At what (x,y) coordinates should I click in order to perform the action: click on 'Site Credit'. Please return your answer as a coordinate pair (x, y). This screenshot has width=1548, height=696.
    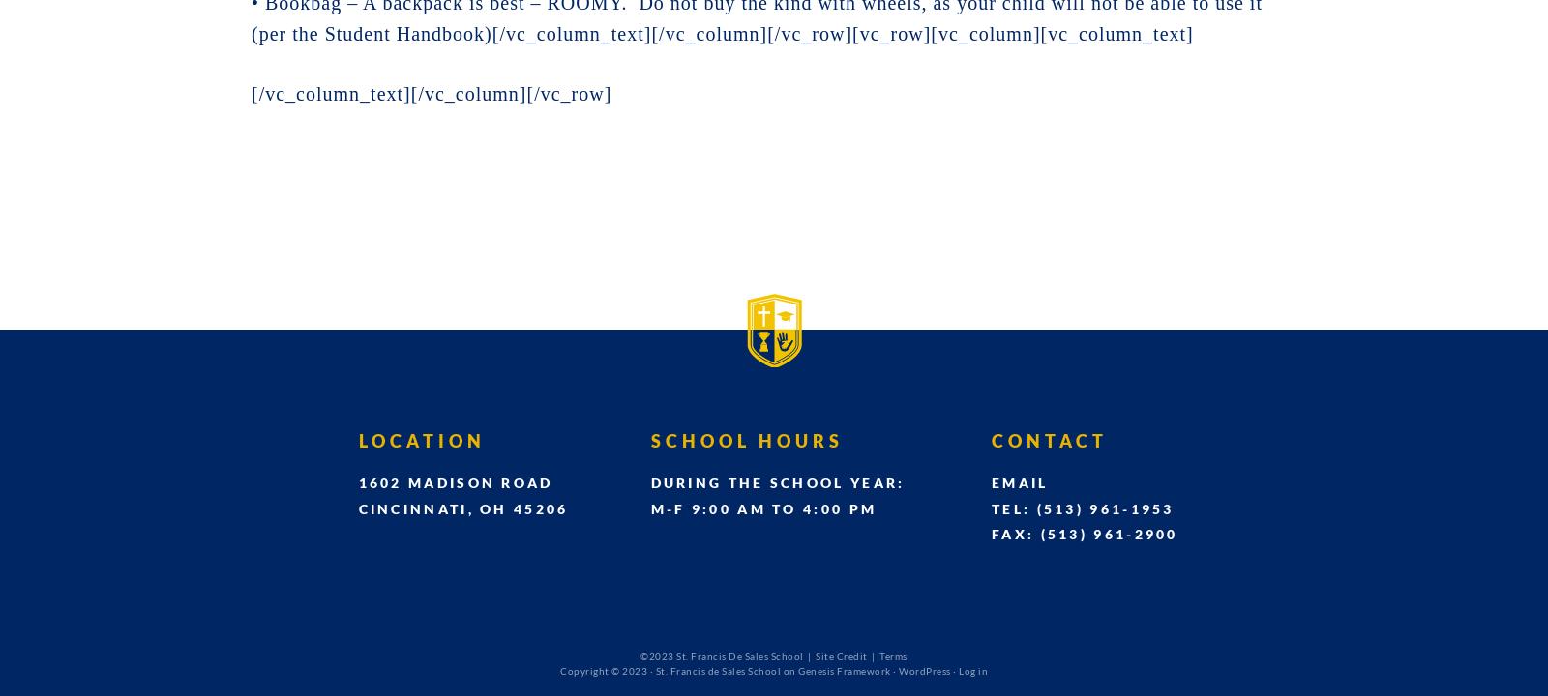
    Looking at the image, I should click on (840, 654).